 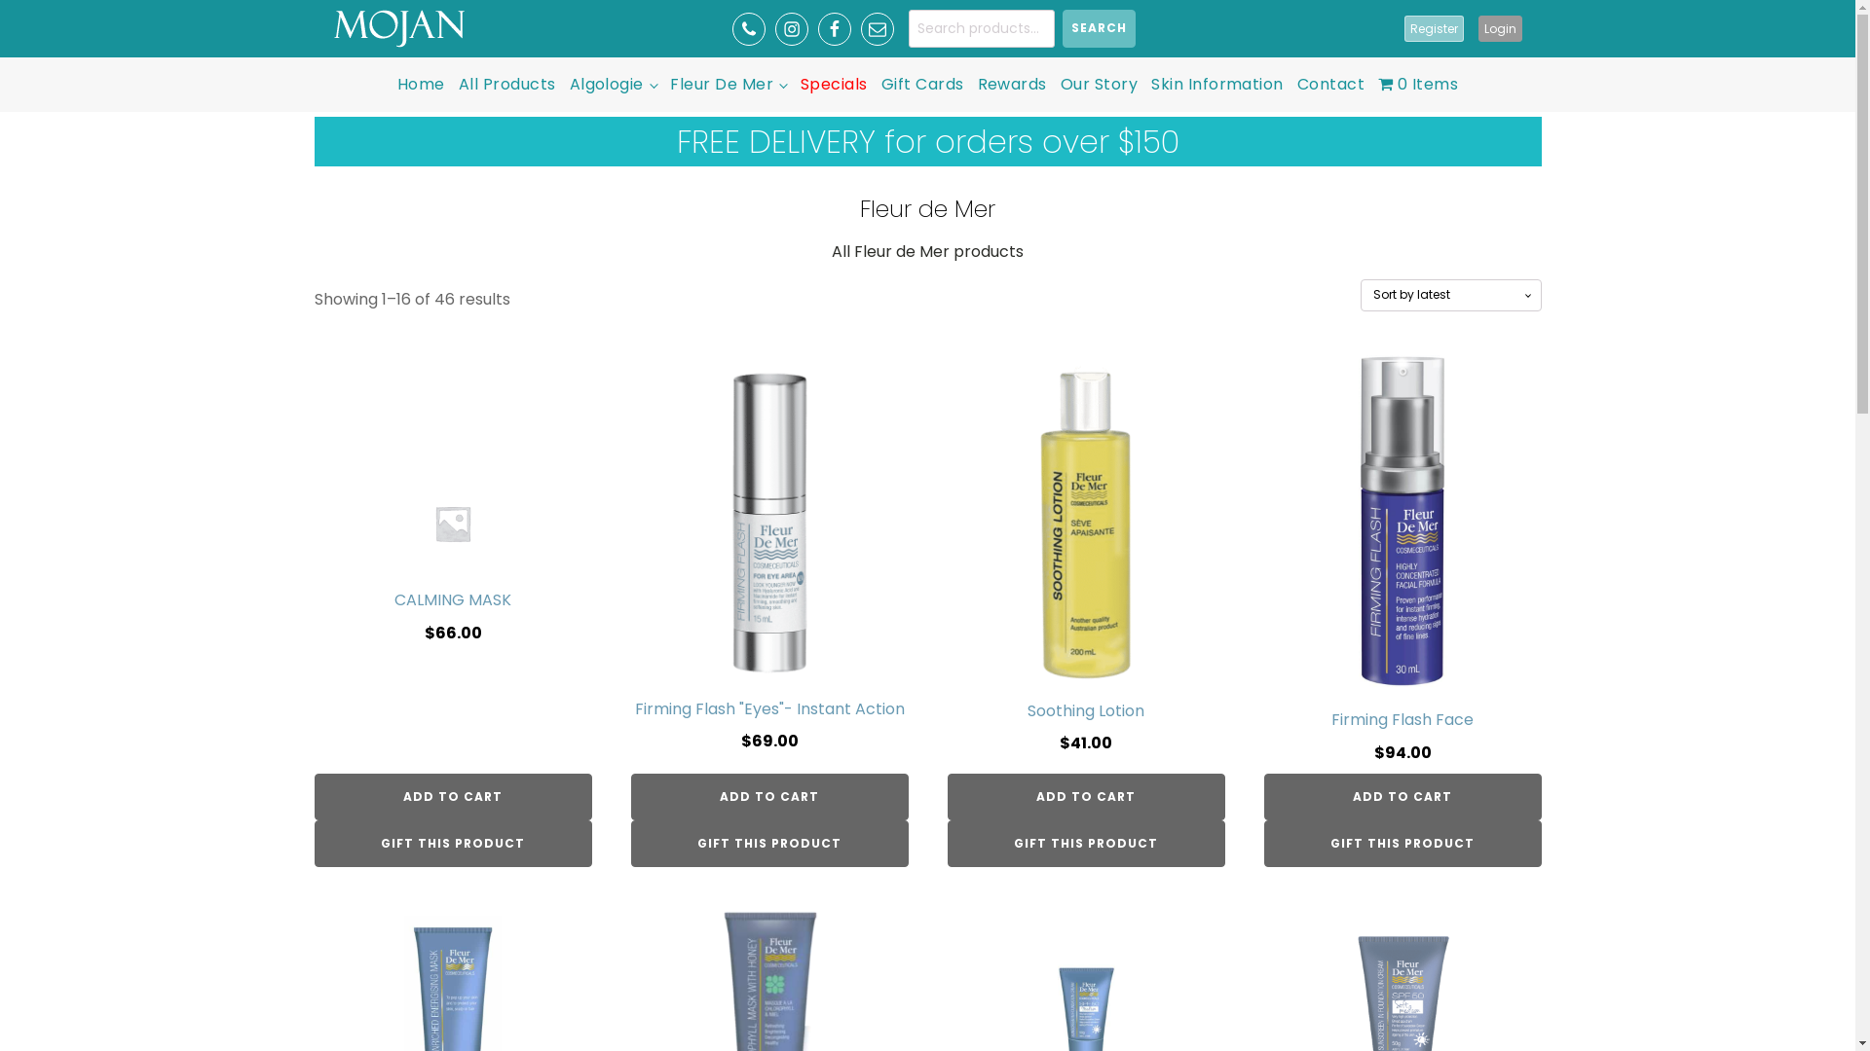 What do you see at coordinates (612, 84) in the screenshot?
I see `'Algologie'` at bounding box center [612, 84].